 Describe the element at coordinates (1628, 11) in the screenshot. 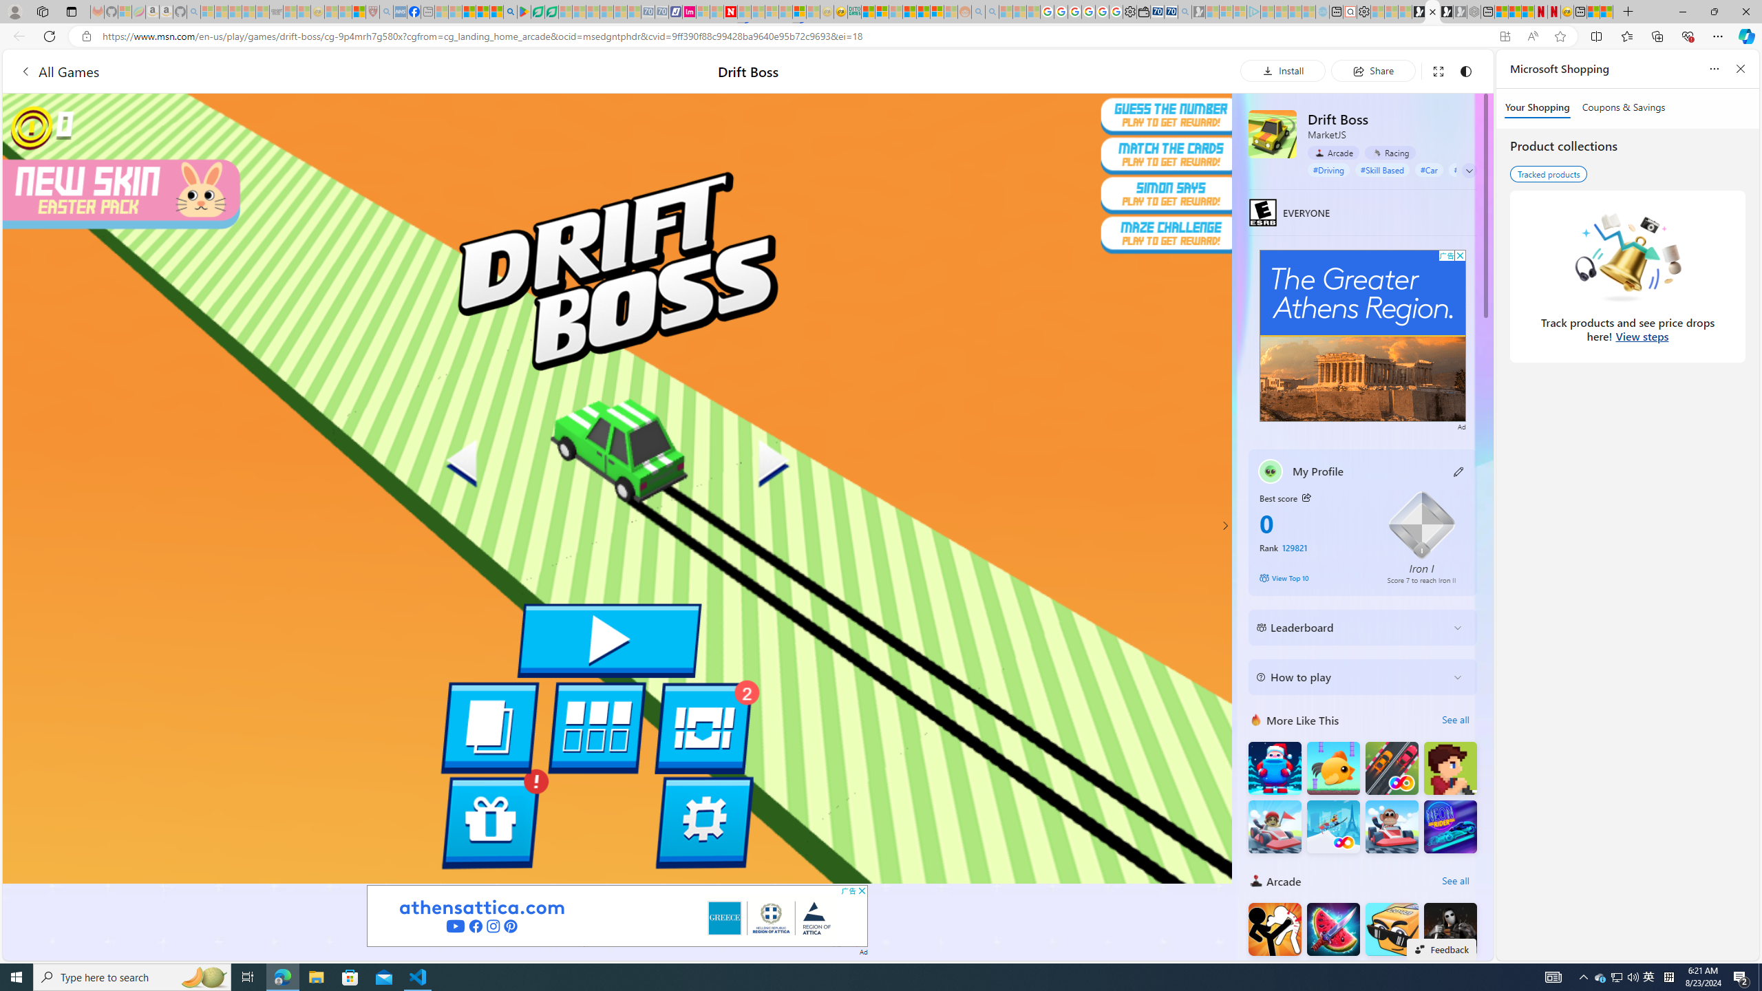

I see `'New Tab'` at that location.